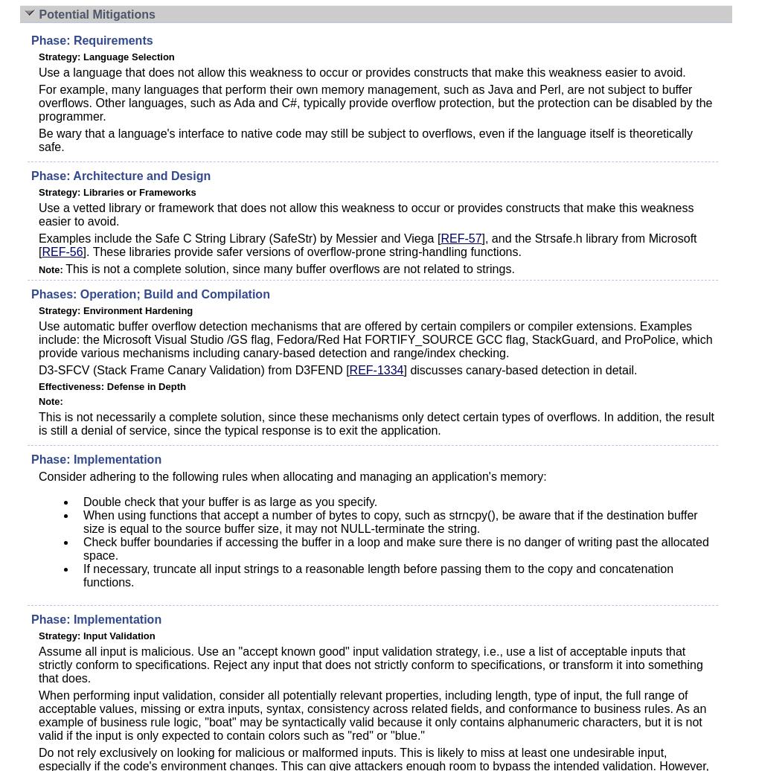  Describe the element at coordinates (365, 140) in the screenshot. I see `'Be wary that a language's interface to native code may still be subject to overflows, even if the language itself is theoretically safe.'` at that location.